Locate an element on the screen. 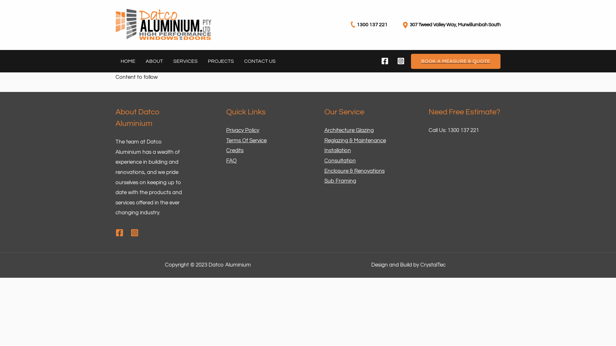 The image size is (616, 346). 'Enclosure & Renovations' is located at coordinates (354, 170).